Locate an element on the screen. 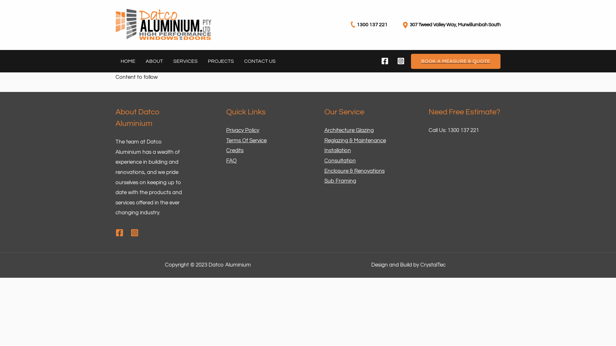 The image size is (616, 346). 'Enclosure & Renovations' is located at coordinates (354, 170).